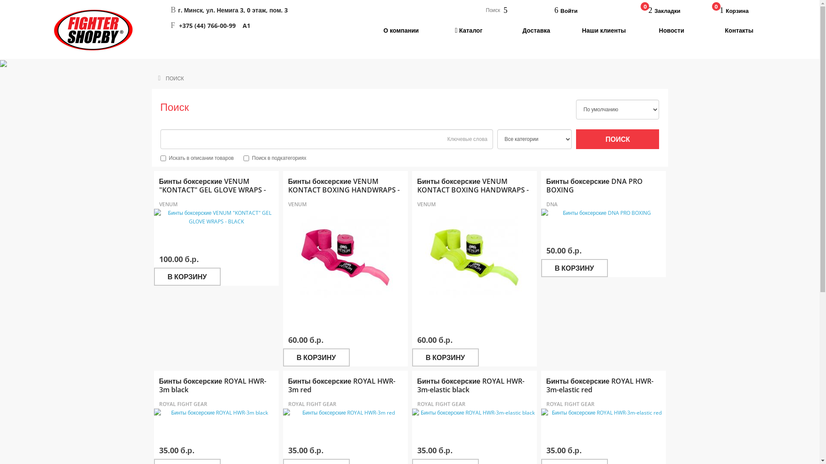 This screenshot has width=826, height=464. What do you see at coordinates (426, 204) in the screenshot?
I see `'VENUM'` at bounding box center [426, 204].